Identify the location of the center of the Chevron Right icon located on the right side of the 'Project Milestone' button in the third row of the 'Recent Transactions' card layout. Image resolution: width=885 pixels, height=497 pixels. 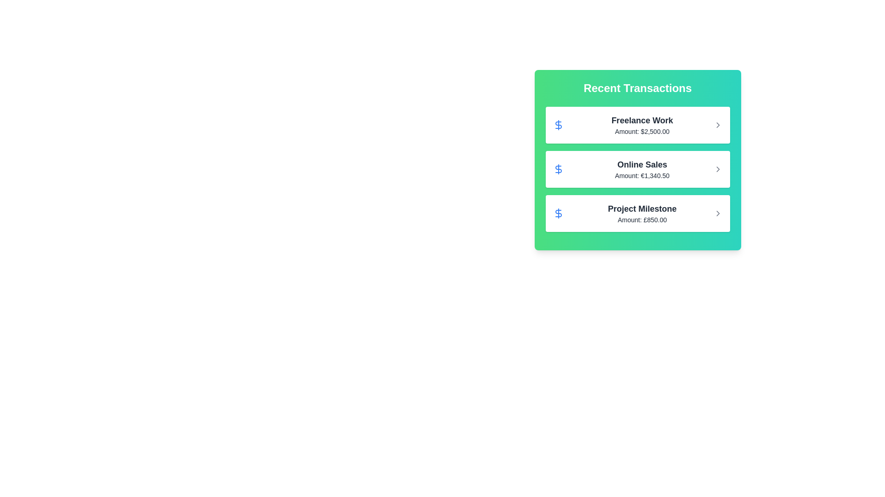
(717, 213).